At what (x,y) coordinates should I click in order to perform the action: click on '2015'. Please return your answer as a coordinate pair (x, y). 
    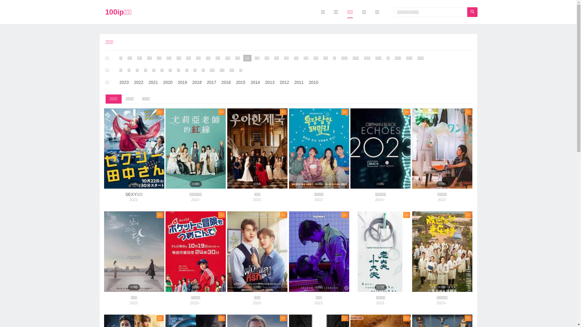
    Looking at the image, I should click on (240, 82).